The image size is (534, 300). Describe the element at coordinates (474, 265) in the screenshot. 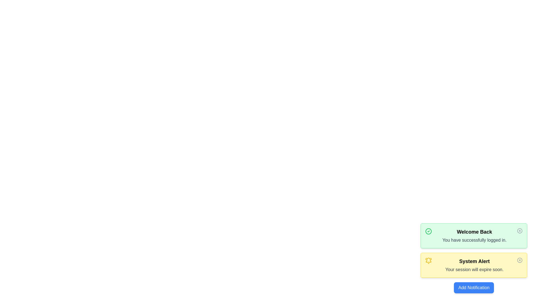

I see `message from the textual label component that notifies users of a current system alert concerning session expiry, located within a yellow background notification box below the 'Welcome Back' message` at that location.